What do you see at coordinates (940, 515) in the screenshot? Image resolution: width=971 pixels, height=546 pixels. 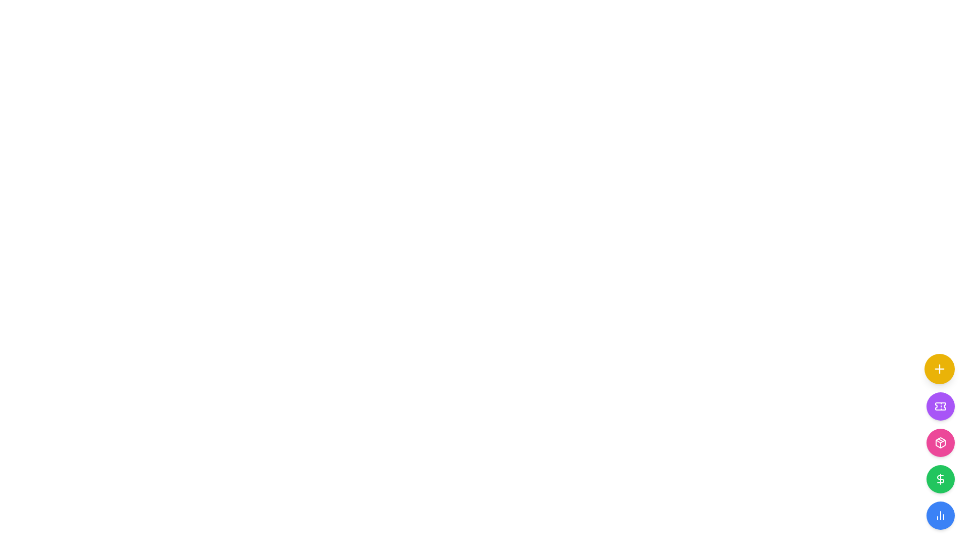 I see `the round blue button with a white bar chart icon at the center` at bounding box center [940, 515].